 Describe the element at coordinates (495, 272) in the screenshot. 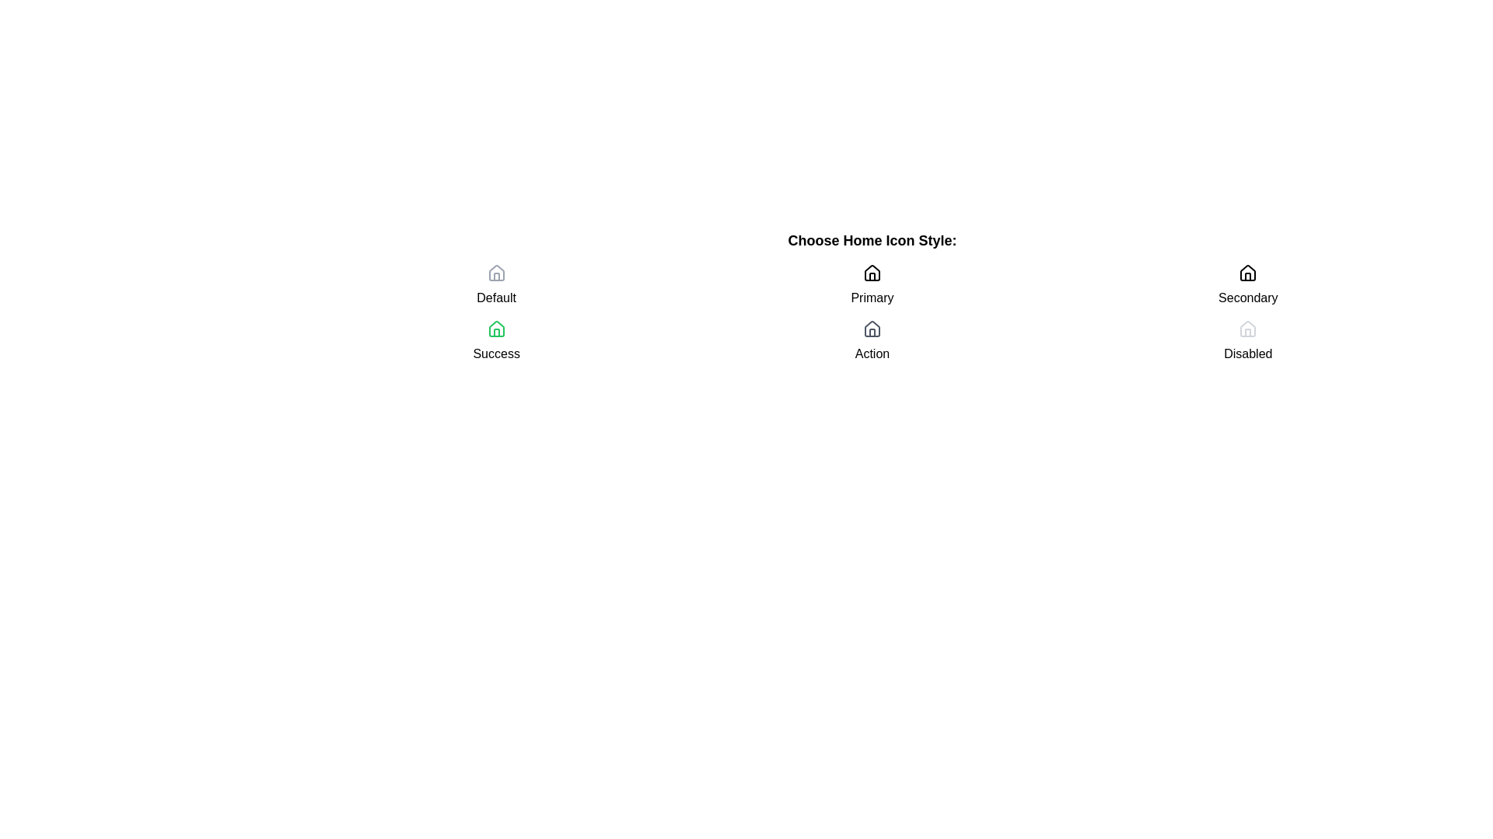

I see `the 'home' icon located in the top-left corner of the grouped interface section, which serves as a placeholder or default state representation` at that location.